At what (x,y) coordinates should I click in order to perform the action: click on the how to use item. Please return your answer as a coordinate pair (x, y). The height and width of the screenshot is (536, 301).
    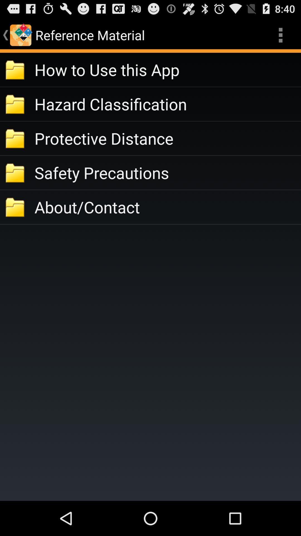
    Looking at the image, I should click on (167, 69).